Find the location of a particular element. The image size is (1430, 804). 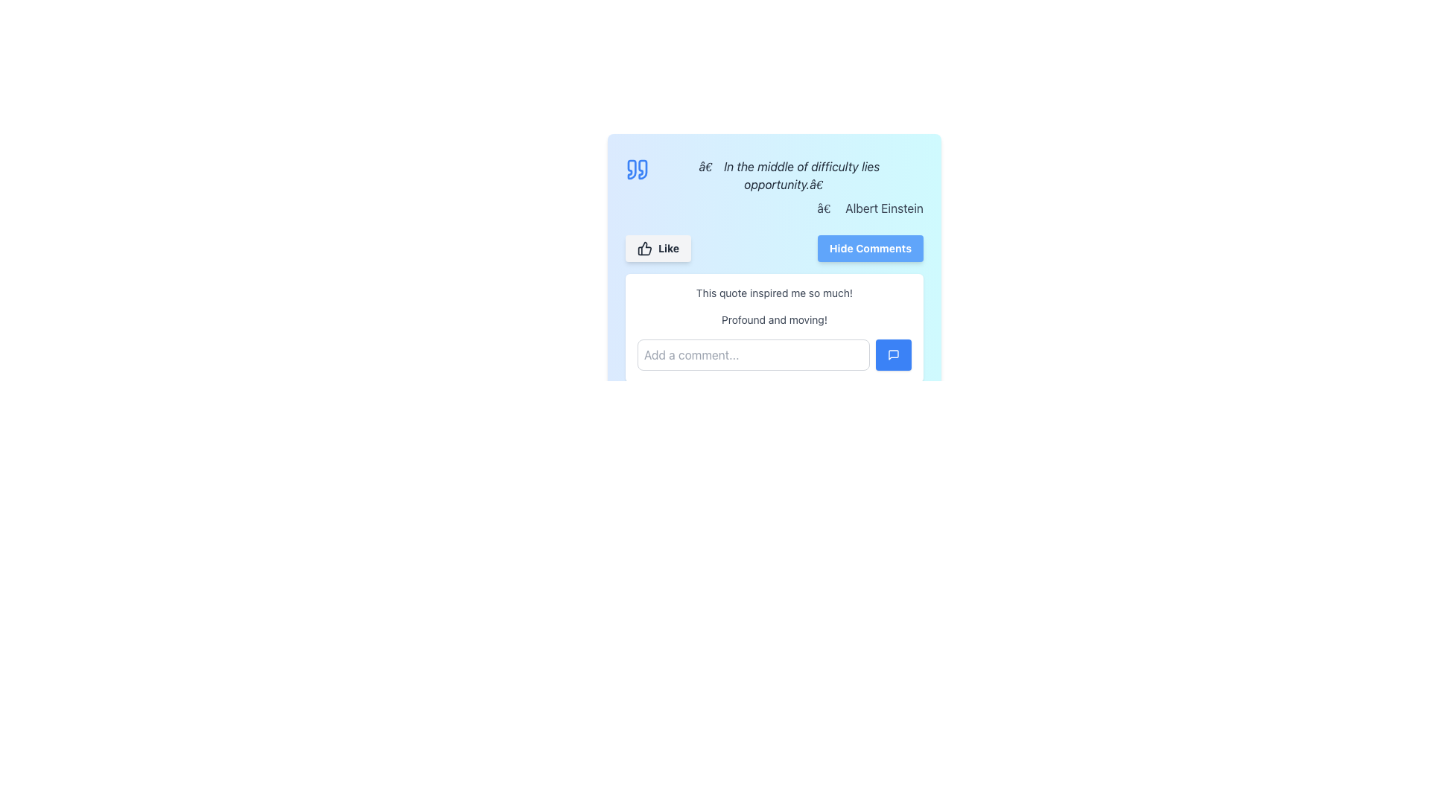

the italicized text display showing a quotation, which is styled in gray and aligned to the left, located adjacent to a blue quotation mark icon is located at coordinates (775, 174).